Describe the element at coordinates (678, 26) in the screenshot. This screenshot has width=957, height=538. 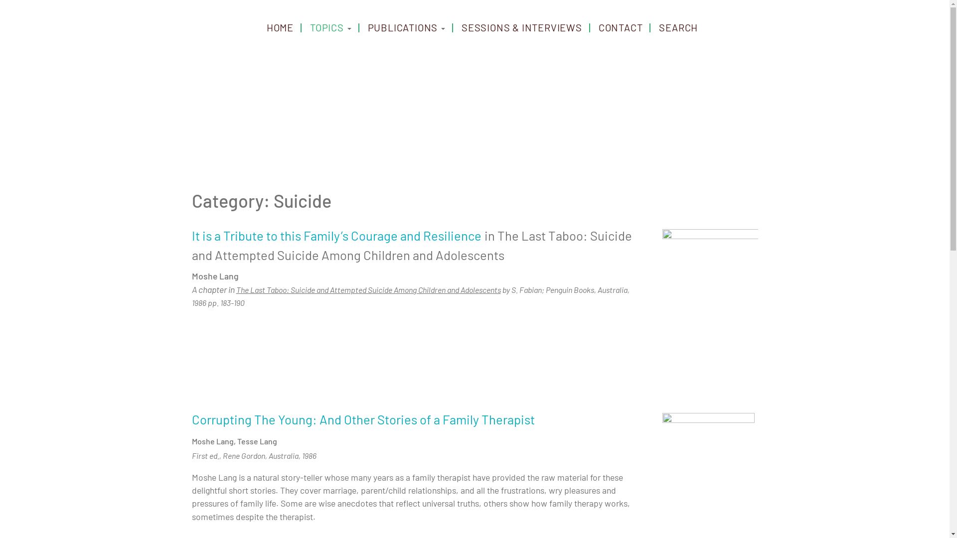
I see `'SEARCH'` at that location.